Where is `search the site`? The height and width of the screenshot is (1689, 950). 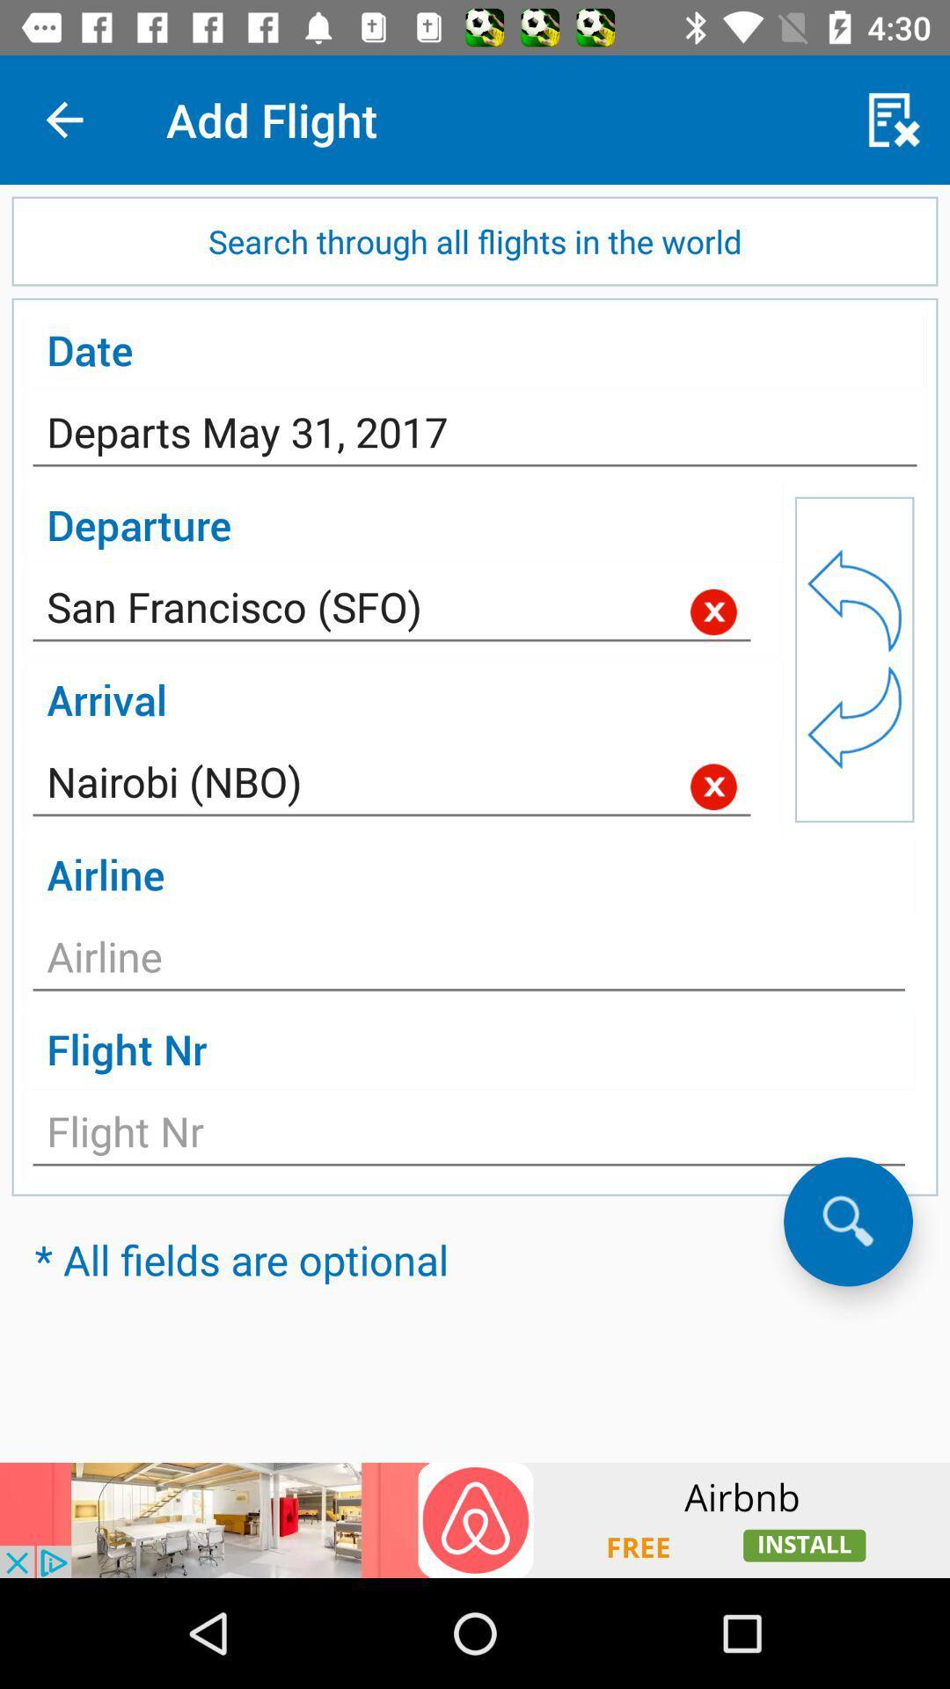 search the site is located at coordinates (847, 1220).